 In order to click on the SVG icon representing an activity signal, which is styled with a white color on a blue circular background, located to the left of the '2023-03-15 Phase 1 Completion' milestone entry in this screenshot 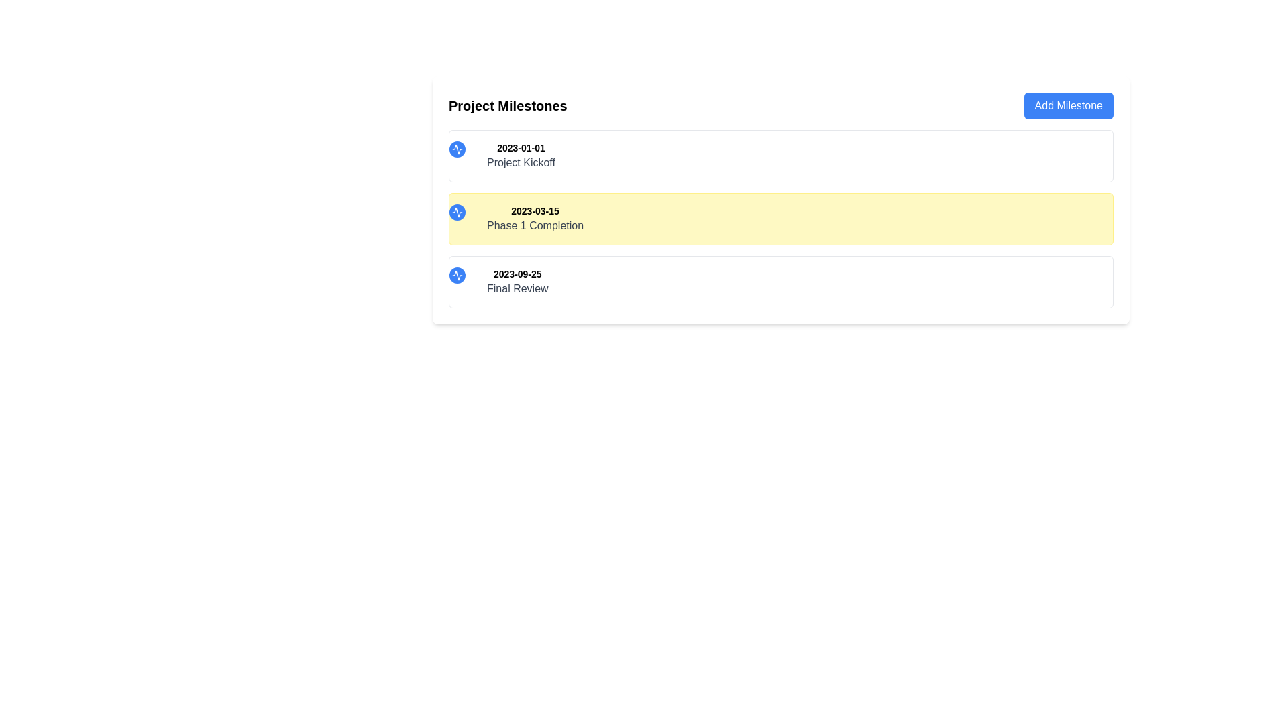, I will do `click(457, 149)`.